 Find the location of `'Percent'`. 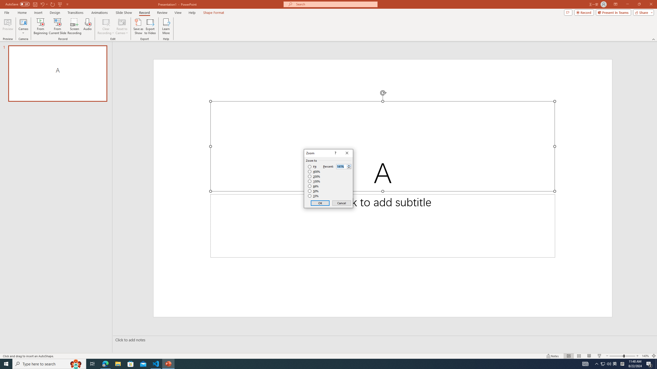

'Percent' is located at coordinates (344, 166).